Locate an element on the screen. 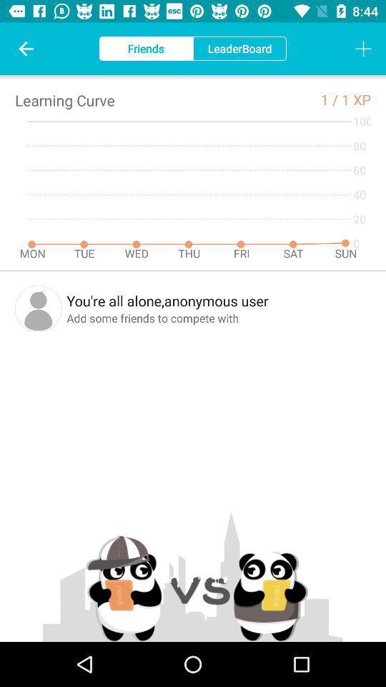  1 xp icon is located at coordinates (355, 99).